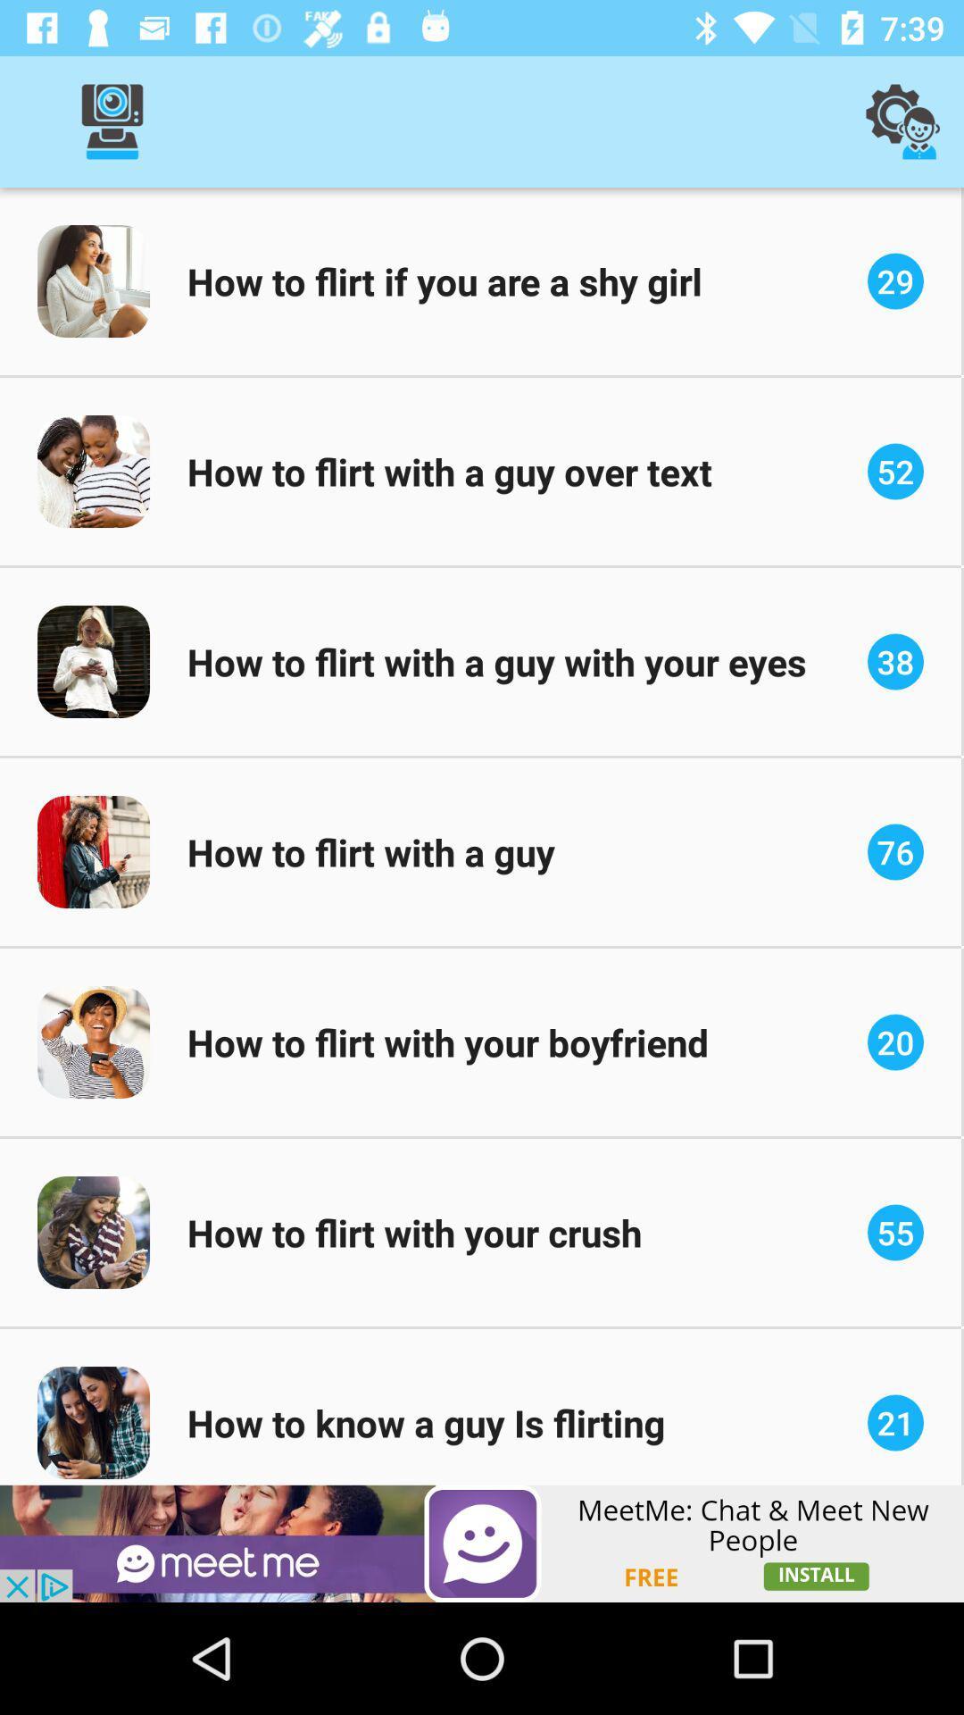 This screenshot has width=964, height=1715. I want to click on the 4th image, so click(93, 851).